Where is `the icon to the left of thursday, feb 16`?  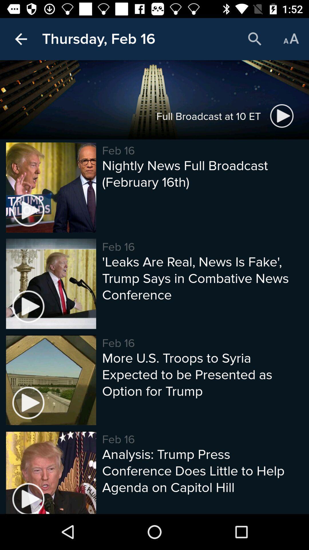
the icon to the left of thursday, feb 16 is located at coordinates (21, 39).